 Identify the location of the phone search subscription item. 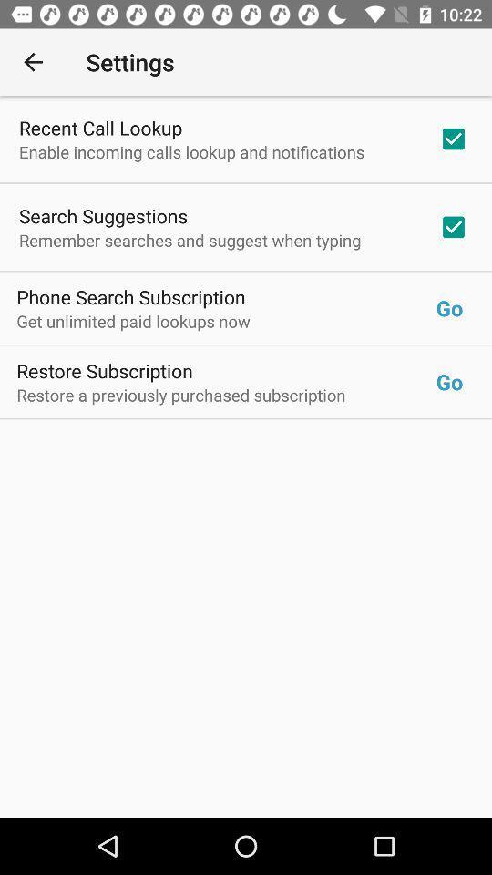
(130, 296).